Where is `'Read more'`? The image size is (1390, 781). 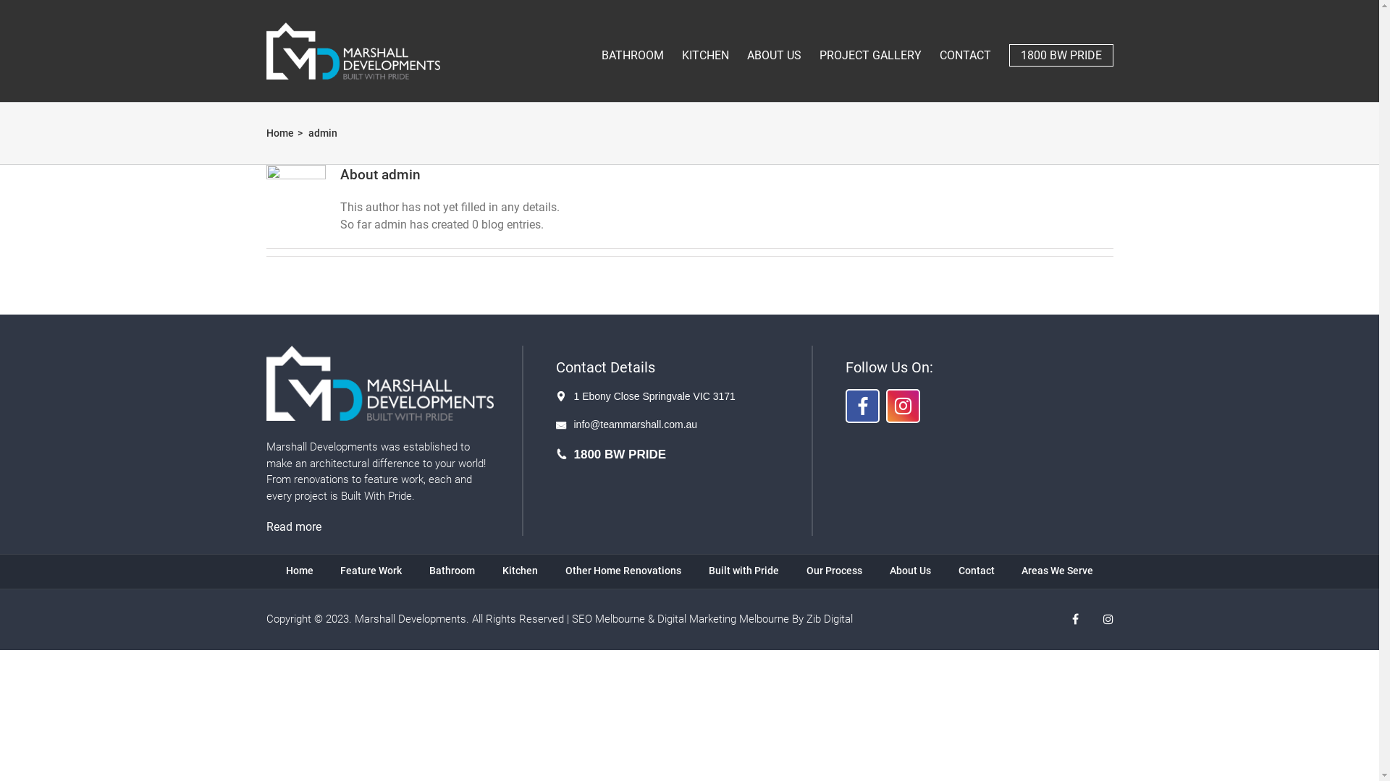 'Read more' is located at coordinates (293, 526).